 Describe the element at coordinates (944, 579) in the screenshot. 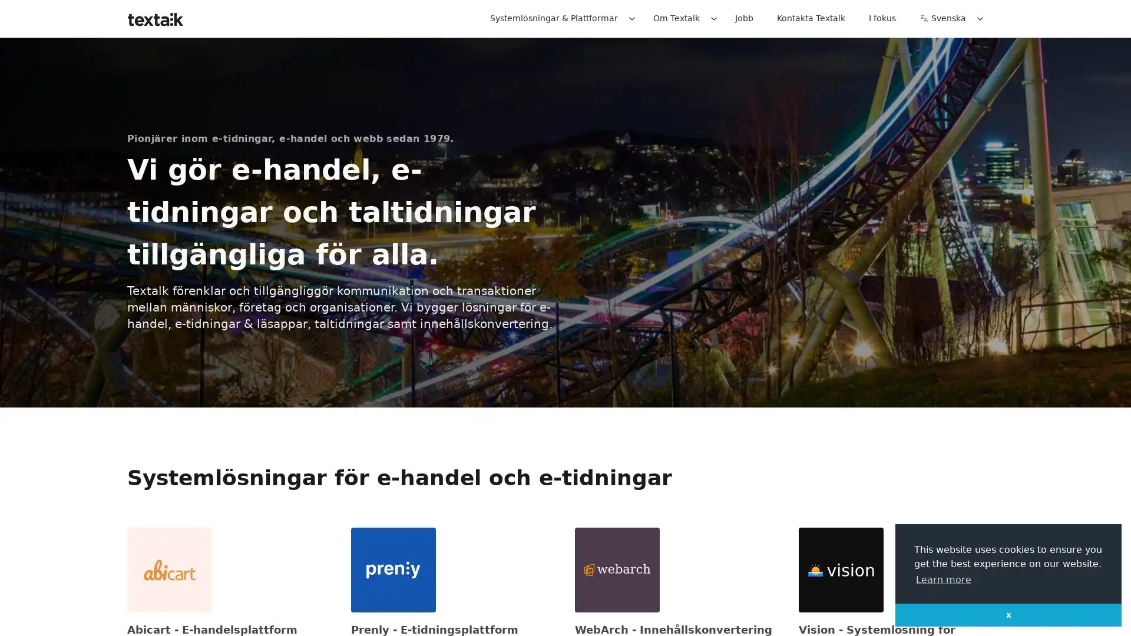

I see `learn more about cookies` at that location.